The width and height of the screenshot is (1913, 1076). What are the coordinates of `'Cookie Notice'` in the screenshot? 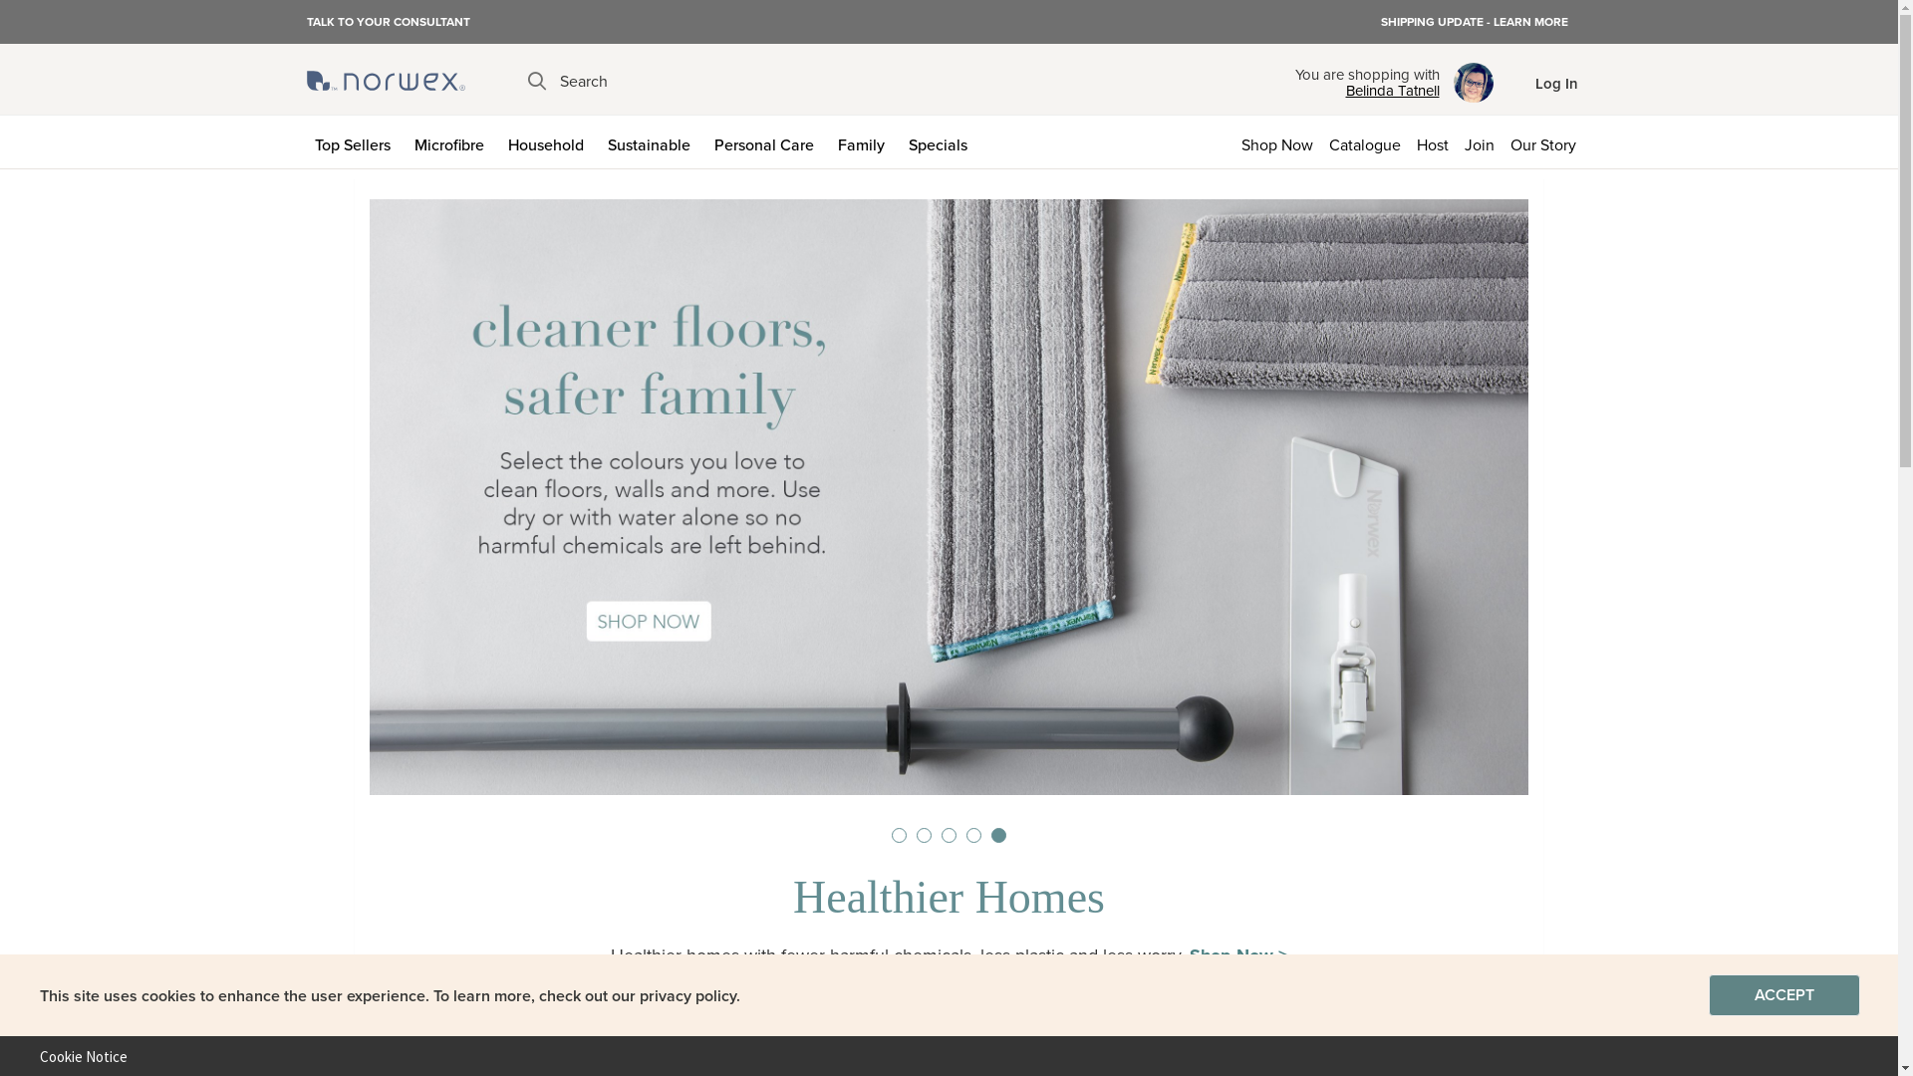 It's located at (76, 1054).